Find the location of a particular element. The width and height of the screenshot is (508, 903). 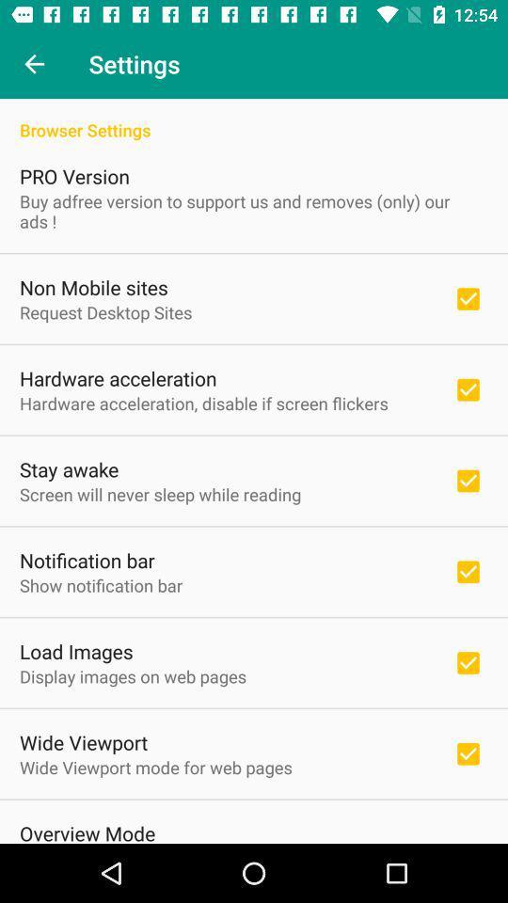

pro version item is located at coordinates (73, 176).